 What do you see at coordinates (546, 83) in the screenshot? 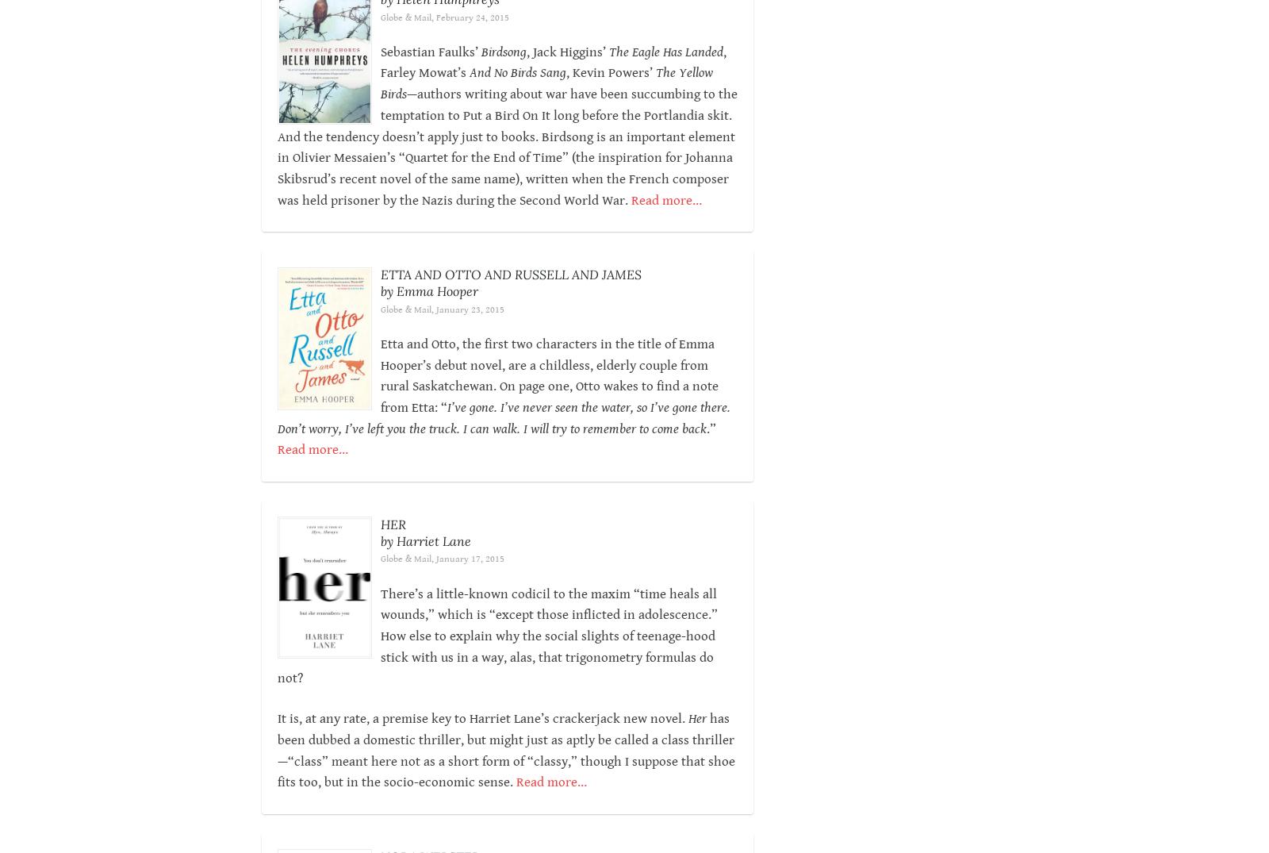
I see `'The Yellow Birds'` at bounding box center [546, 83].